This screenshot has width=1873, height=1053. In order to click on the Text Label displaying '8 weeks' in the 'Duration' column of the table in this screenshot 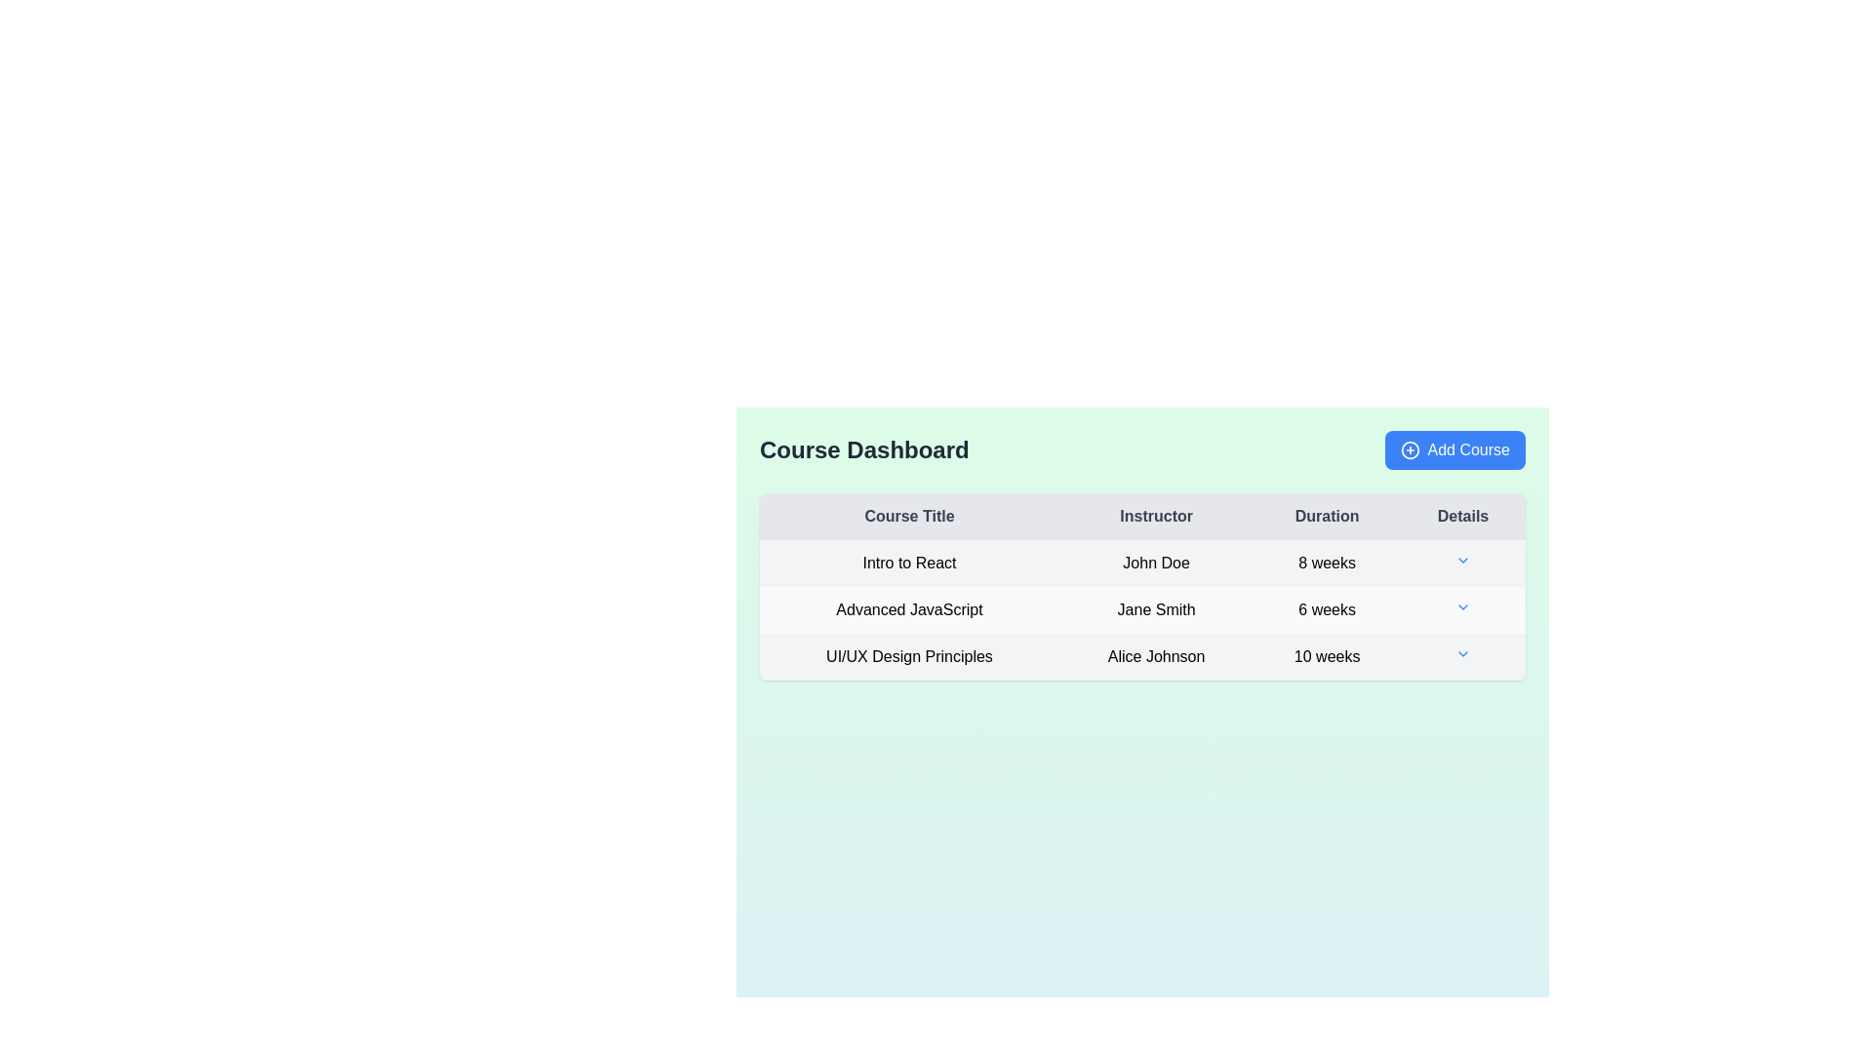, I will do `click(1327, 564)`.